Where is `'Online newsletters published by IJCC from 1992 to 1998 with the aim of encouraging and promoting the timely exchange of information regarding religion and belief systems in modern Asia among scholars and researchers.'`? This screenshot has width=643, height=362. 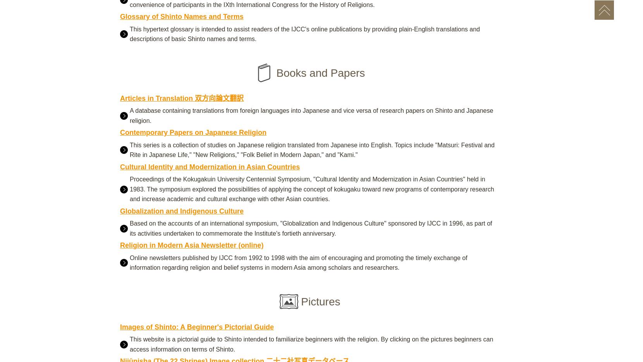
'Online newsletters published by IJCC from 1992 to 1998 with the aim of encouraging and promoting the timely exchange of information regarding religion and belief systems in modern Asia among scholars and researchers.' is located at coordinates (298, 262).